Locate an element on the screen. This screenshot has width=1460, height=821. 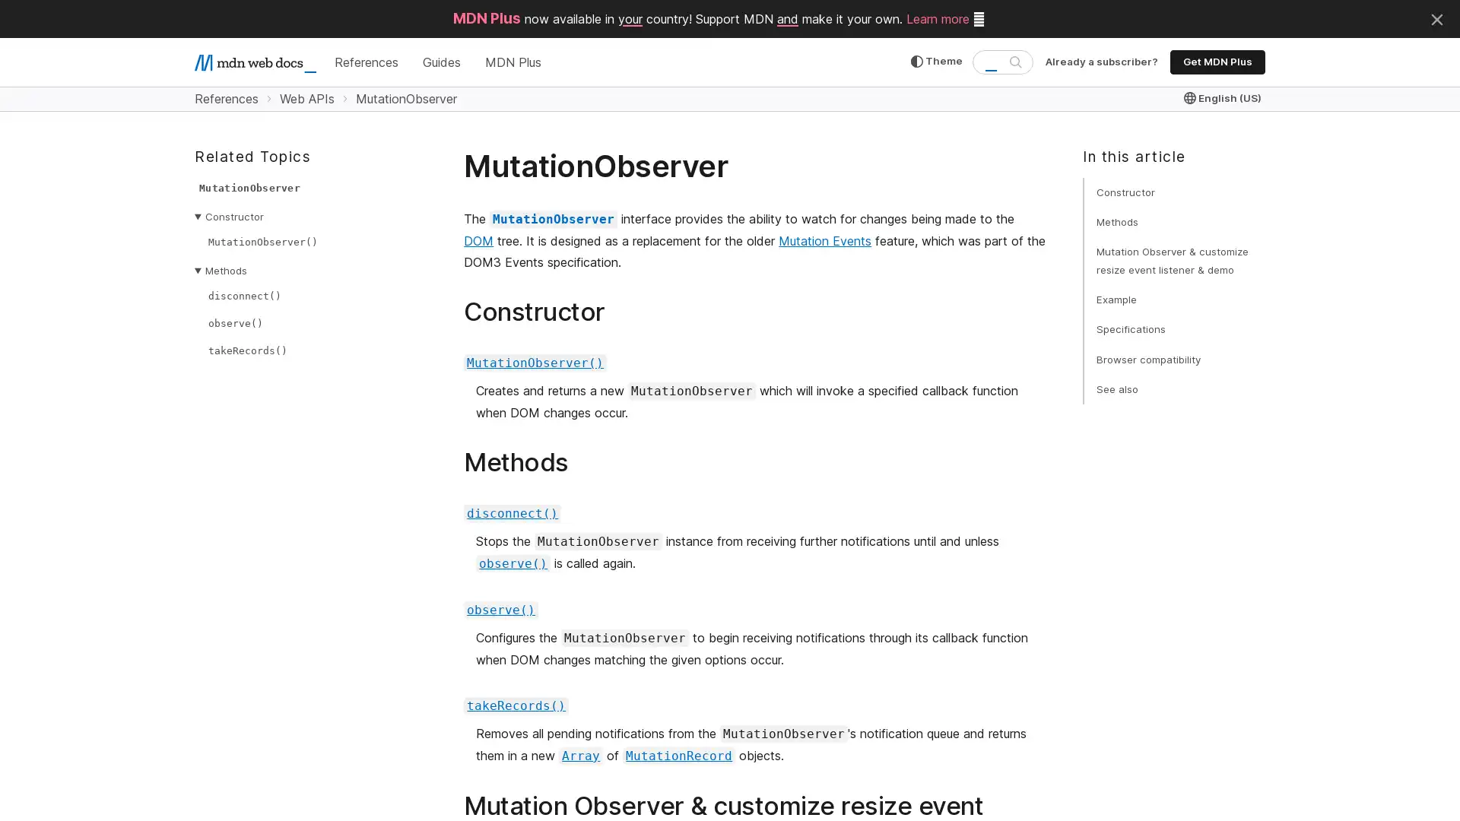
SEARCH is located at coordinates (1014, 61).